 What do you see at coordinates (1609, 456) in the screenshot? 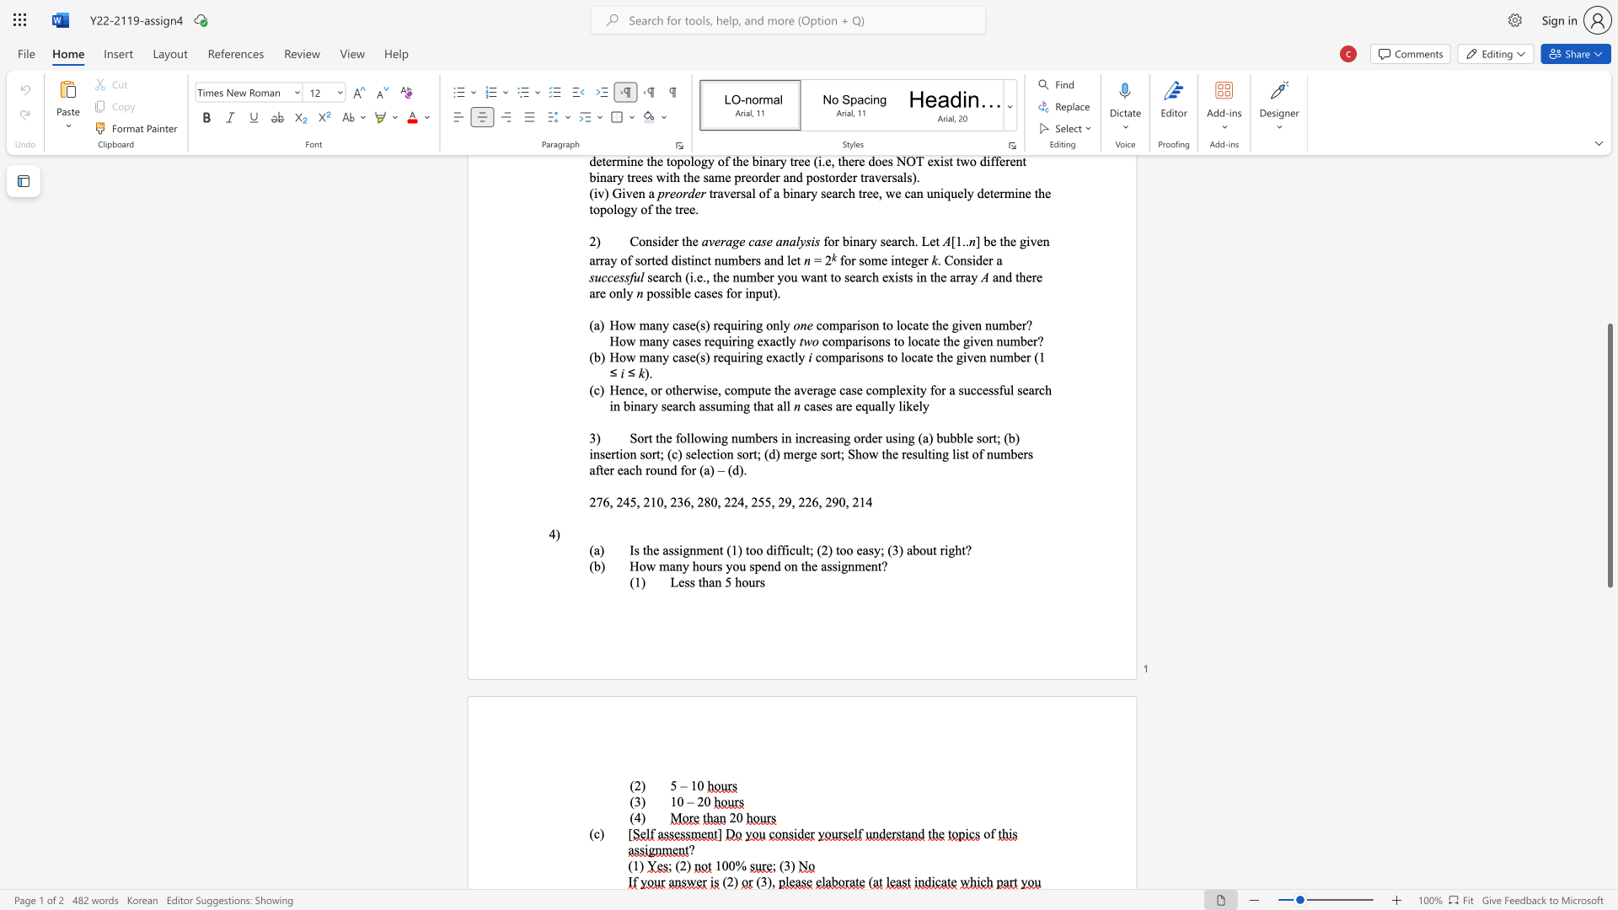
I see `the scrollbar and move down 890 pixels` at bounding box center [1609, 456].